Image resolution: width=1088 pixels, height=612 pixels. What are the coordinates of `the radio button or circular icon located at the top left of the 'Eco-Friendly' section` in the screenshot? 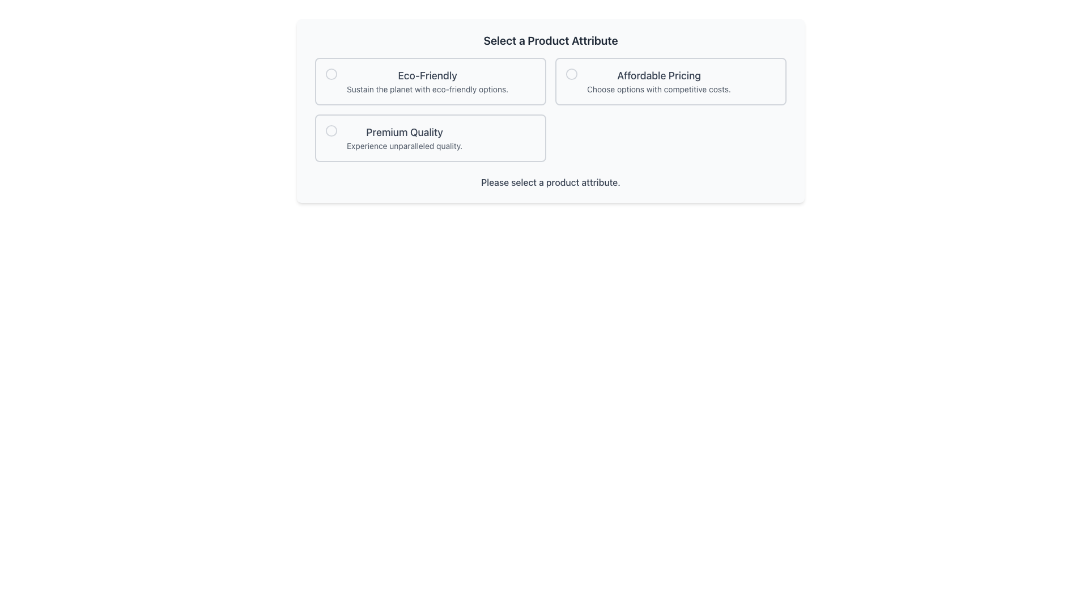 It's located at (331, 74).